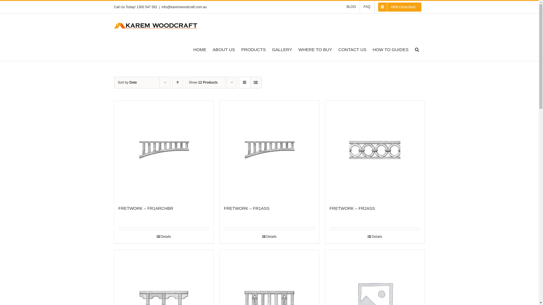 The height and width of the screenshot is (305, 543). What do you see at coordinates (184, 7) in the screenshot?
I see `'info@karemwoodcraft.com.au'` at bounding box center [184, 7].